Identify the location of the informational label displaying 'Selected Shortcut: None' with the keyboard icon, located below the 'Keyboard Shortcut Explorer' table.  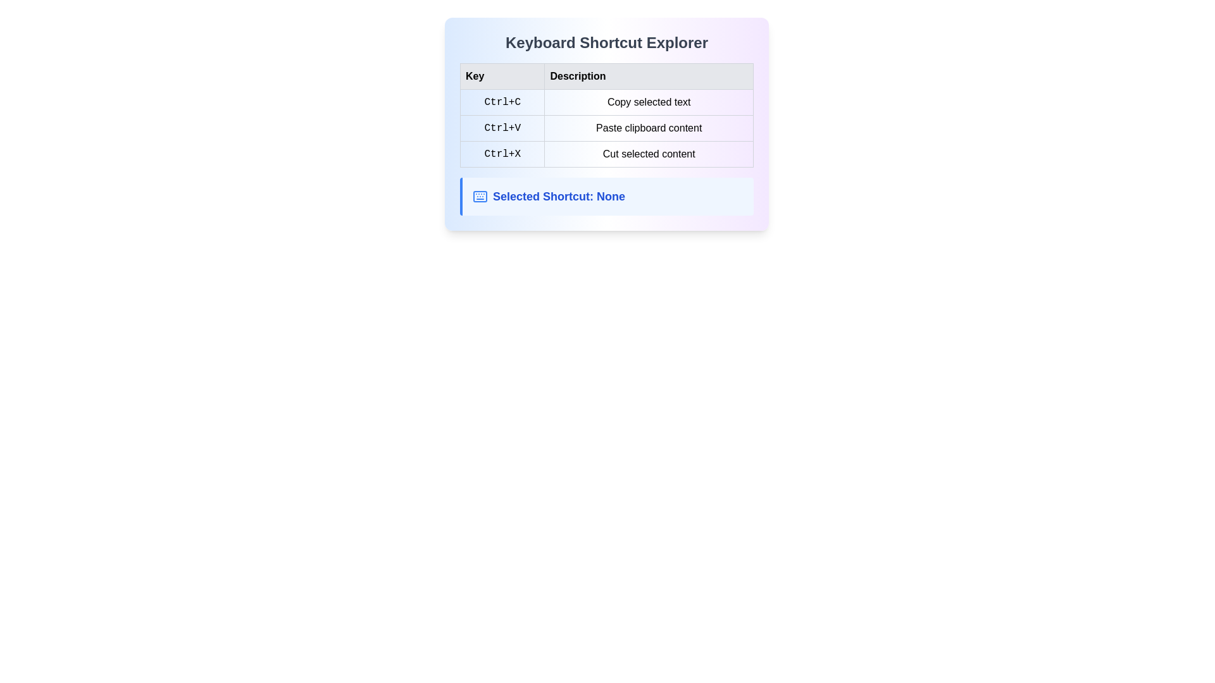
(607, 197).